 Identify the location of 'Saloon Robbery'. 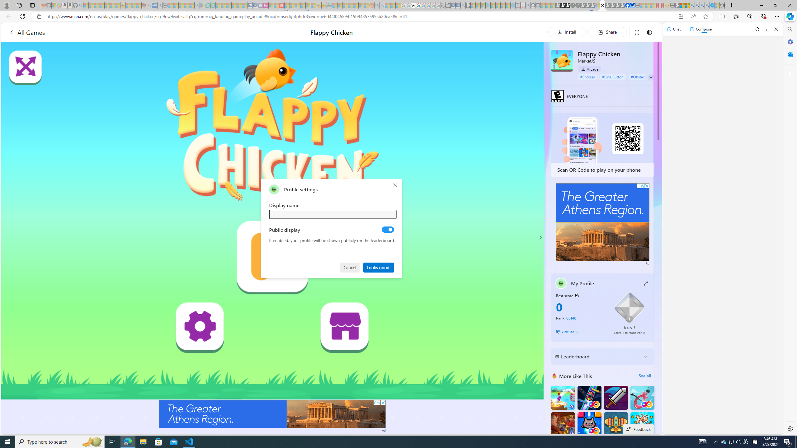
(563, 424).